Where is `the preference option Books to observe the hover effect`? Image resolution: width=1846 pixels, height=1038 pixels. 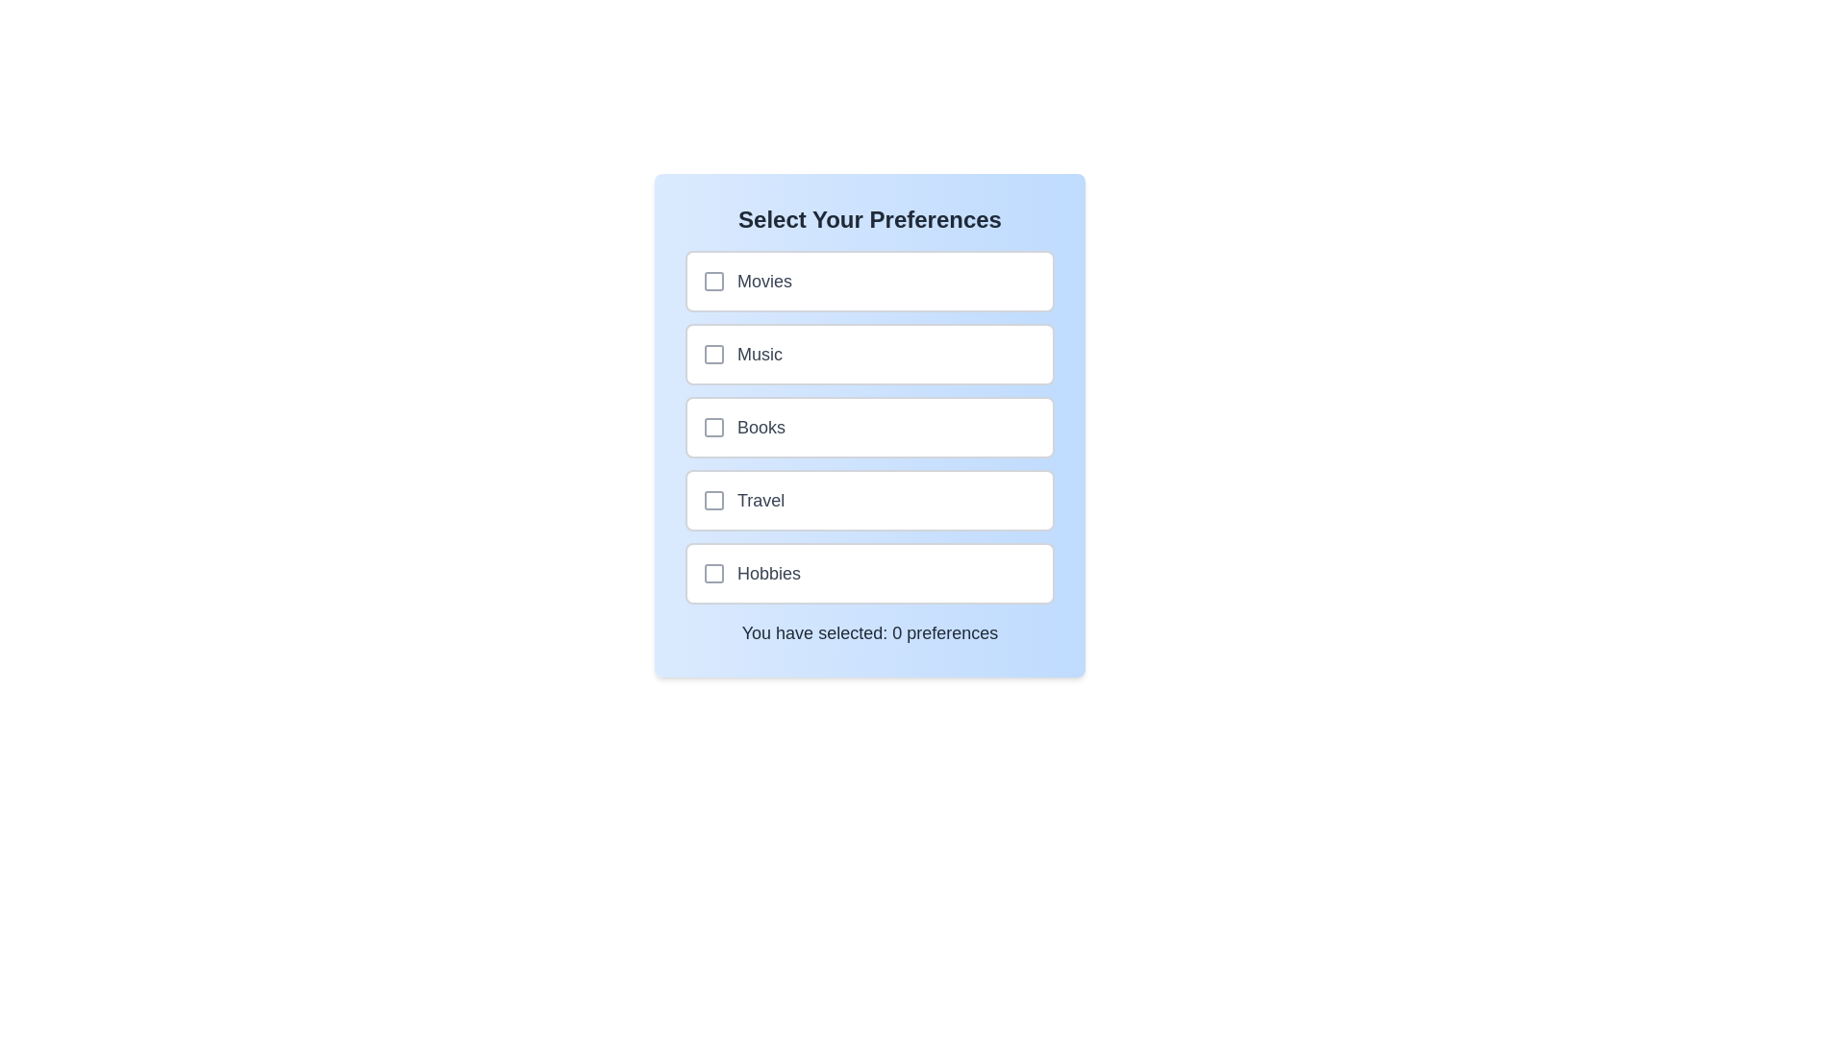
the preference option Books to observe the hover effect is located at coordinates (869, 426).